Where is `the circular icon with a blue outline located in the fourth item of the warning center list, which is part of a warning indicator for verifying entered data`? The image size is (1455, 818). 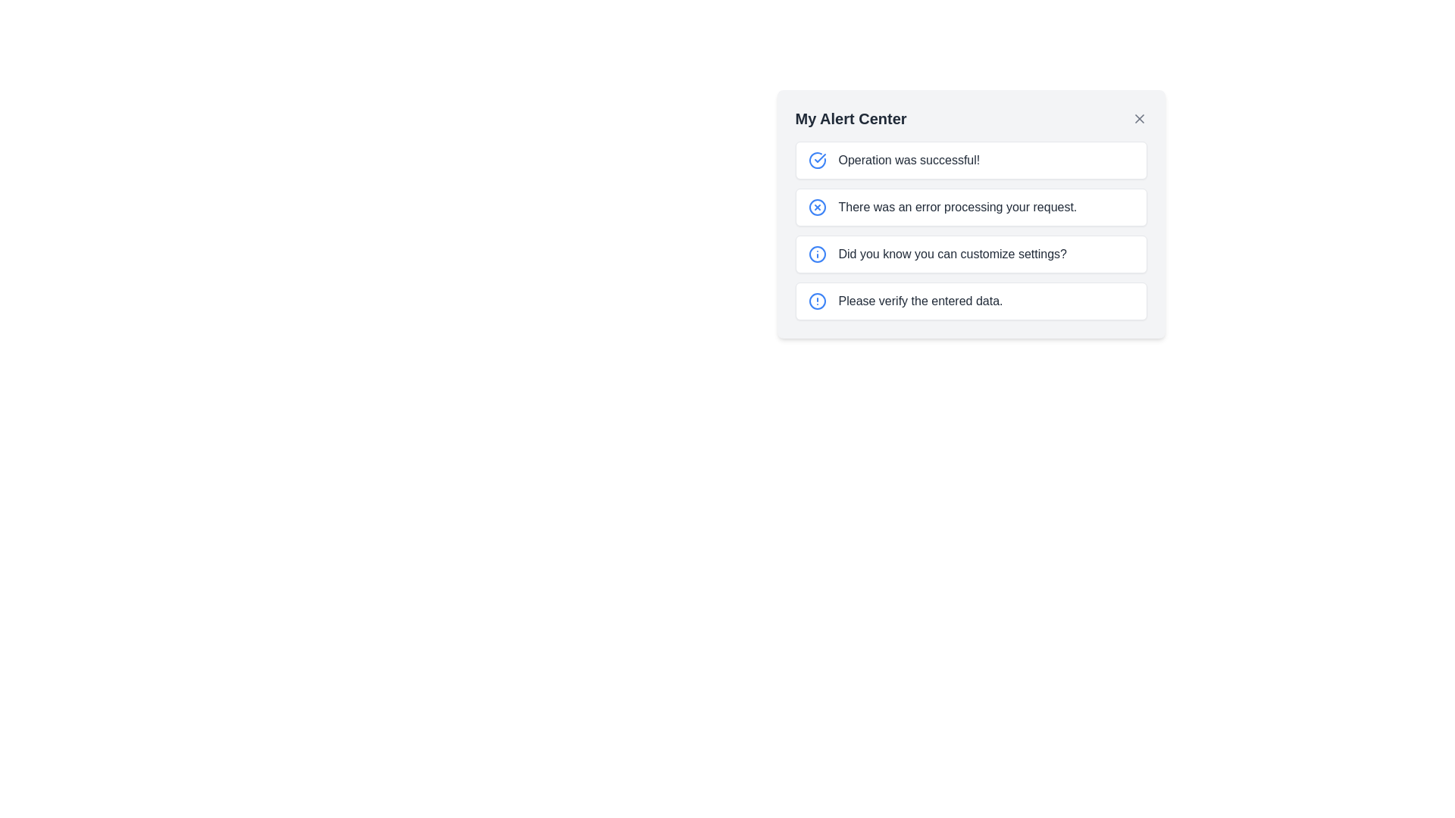 the circular icon with a blue outline located in the fourth item of the warning center list, which is part of a warning indicator for verifying entered data is located at coordinates (816, 301).